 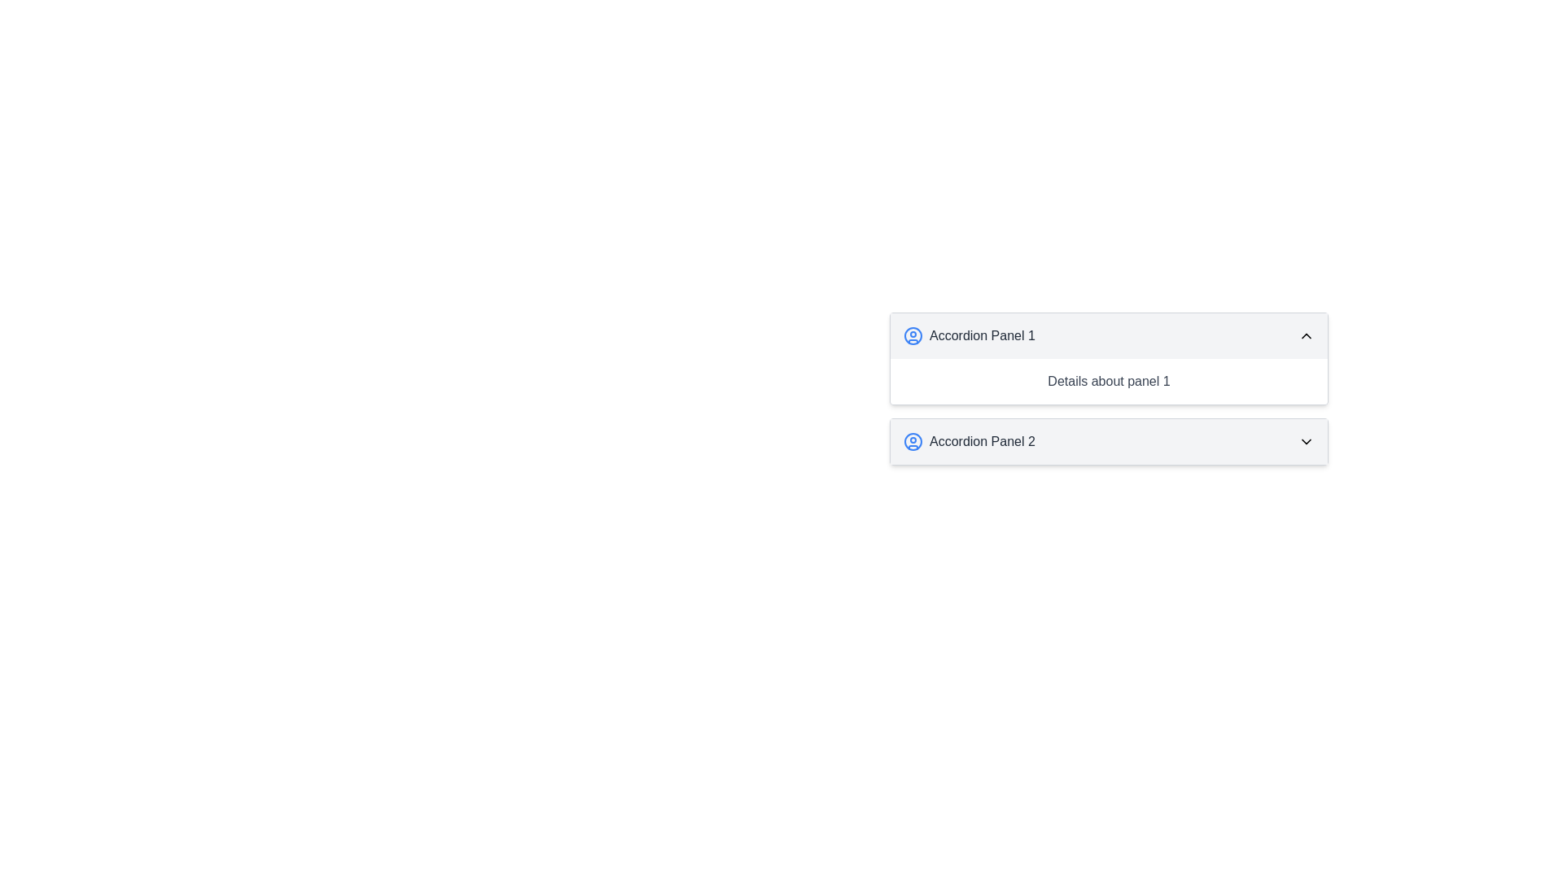 What do you see at coordinates (1108, 382) in the screenshot?
I see `the static text label that provides descriptive information related to 'Accordion Panel 1', which is located beneath the panel's title and above 'Accordion Panel 2'` at bounding box center [1108, 382].